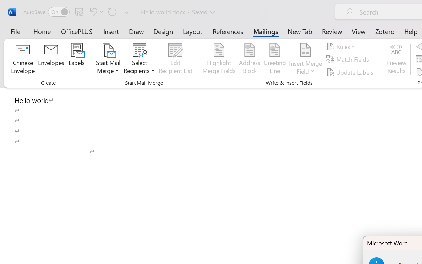 The height and width of the screenshot is (264, 422). What do you see at coordinates (111, 31) in the screenshot?
I see `'Insert'` at bounding box center [111, 31].